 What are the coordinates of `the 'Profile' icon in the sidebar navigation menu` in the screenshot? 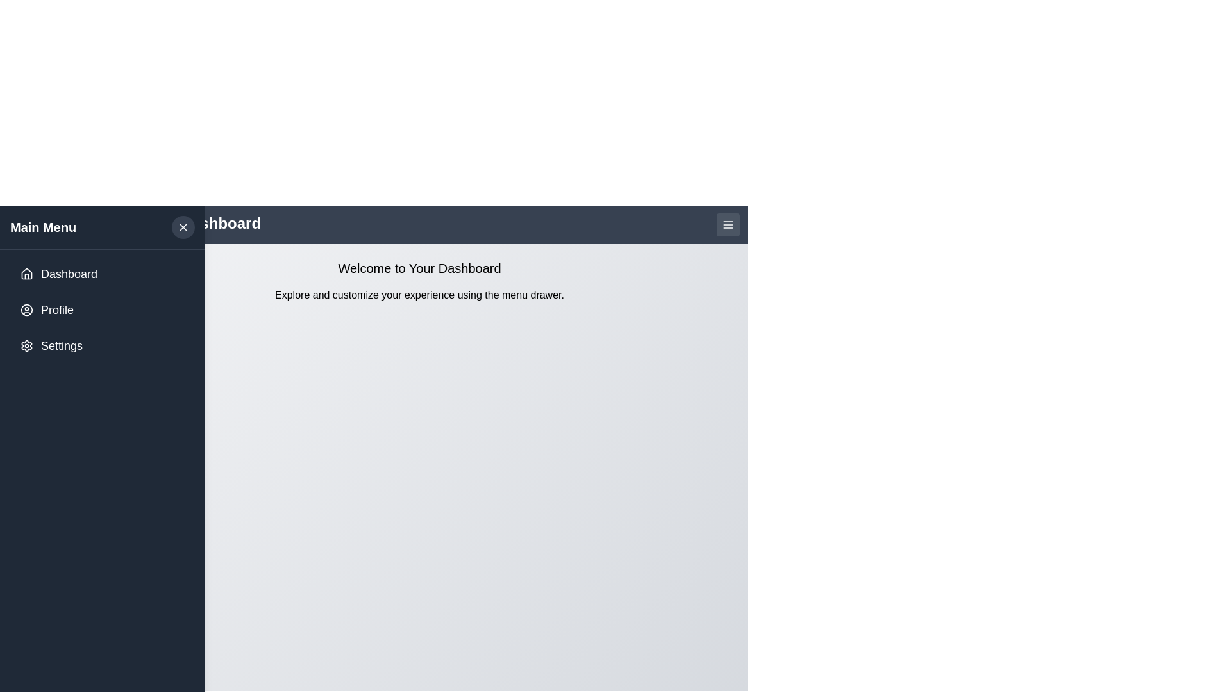 It's located at (27, 309).